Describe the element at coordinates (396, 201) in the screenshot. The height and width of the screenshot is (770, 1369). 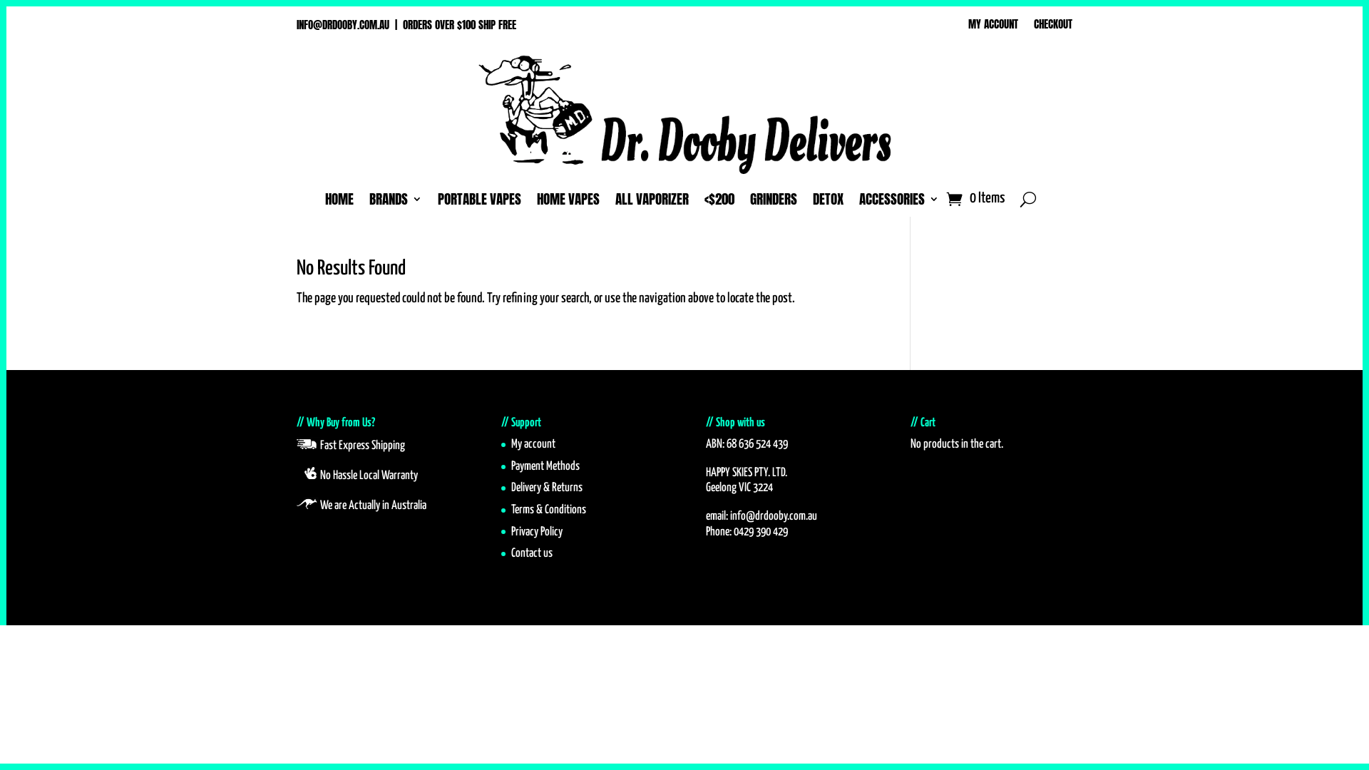
I see `'BRANDS'` at that location.